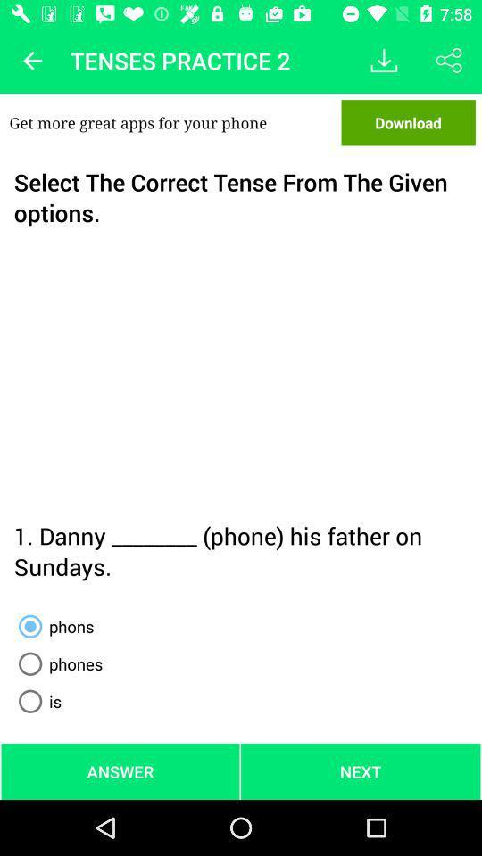 Image resolution: width=482 pixels, height=856 pixels. What do you see at coordinates (32, 61) in the screenshot?
I see `icon next to tenses practice 2 app` at bounding box center [32, 61].